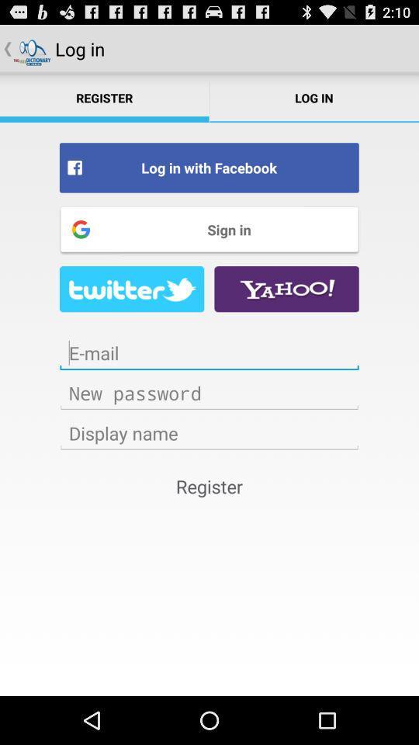  Describe the element at coordinates (209, 353) in the screenshot. I see `screen button` at that location.